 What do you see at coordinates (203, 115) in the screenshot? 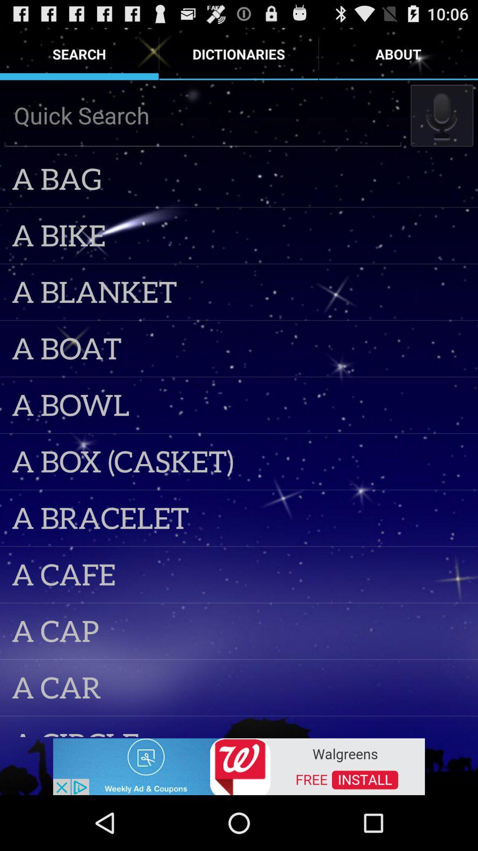
I see `quick search` at bounding box center [203, 115].